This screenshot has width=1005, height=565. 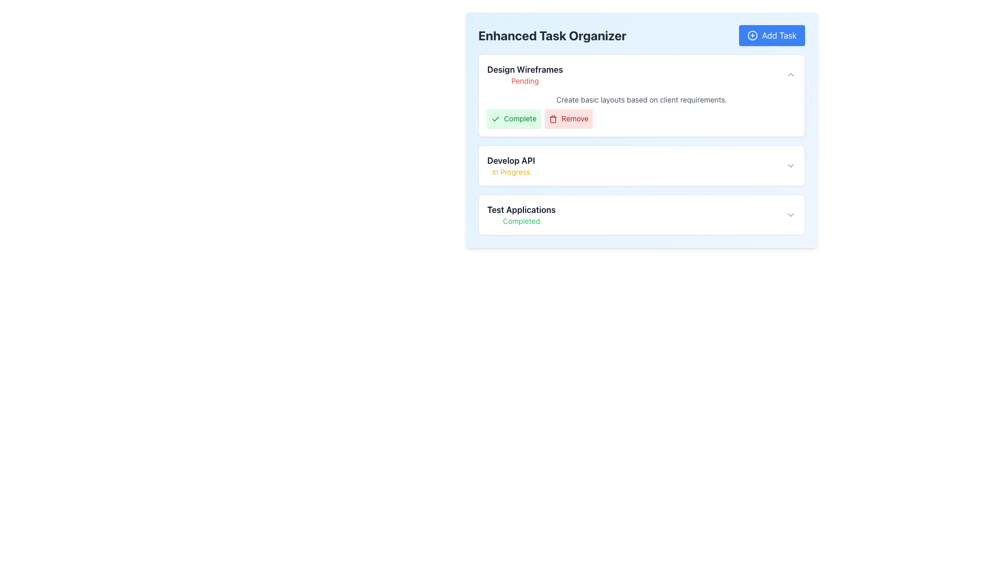 I want to click on the dropdown toggle button with a downward-pointing arrow icon, located in the top-right corner of the 'Develop API' task entry, so click(x=791, y=165).